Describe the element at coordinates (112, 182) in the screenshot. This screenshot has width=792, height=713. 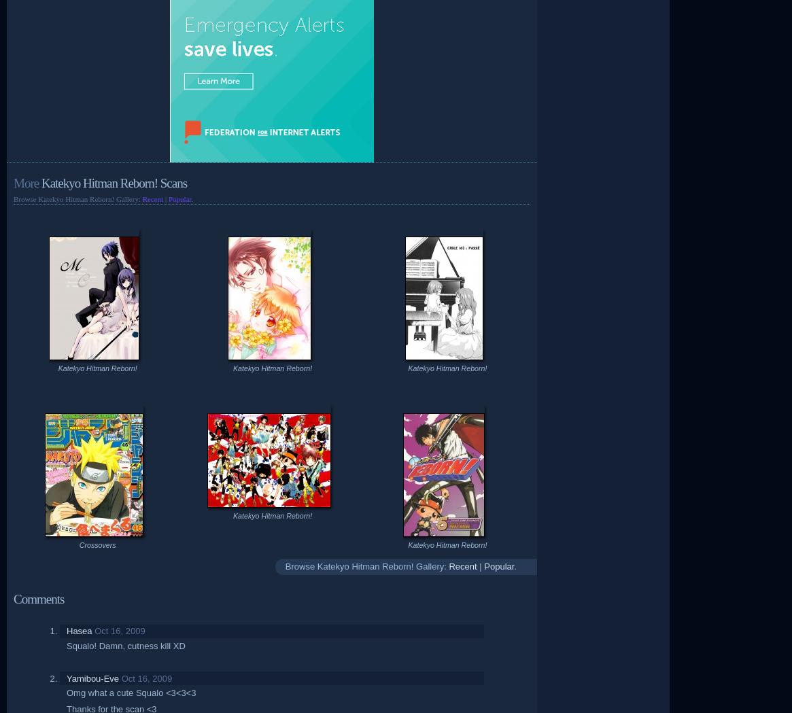
I see `'Katekyo Hitman Reborn! Scans'` at that location.